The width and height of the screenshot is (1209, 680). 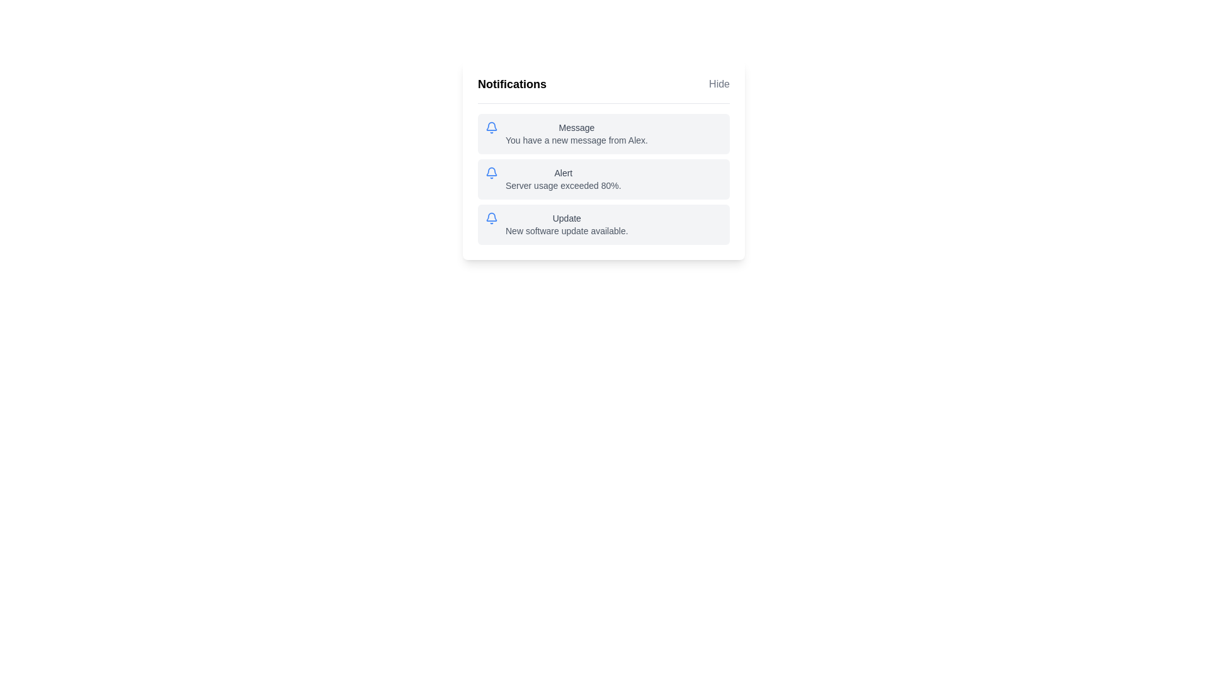 I want to click on the 'Hide' text button, which is a gray text label located to the right of the 'Notifications' text, so click(x=719, y=84).